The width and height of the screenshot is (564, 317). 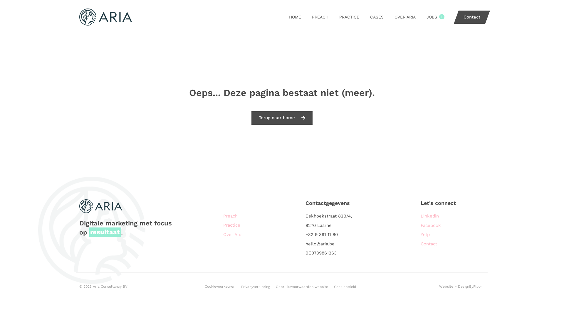 What do you see at coordinates (345, 286) in the screenshot?
I see `'Cookiebeleid'` at bounding box center [345, 286].